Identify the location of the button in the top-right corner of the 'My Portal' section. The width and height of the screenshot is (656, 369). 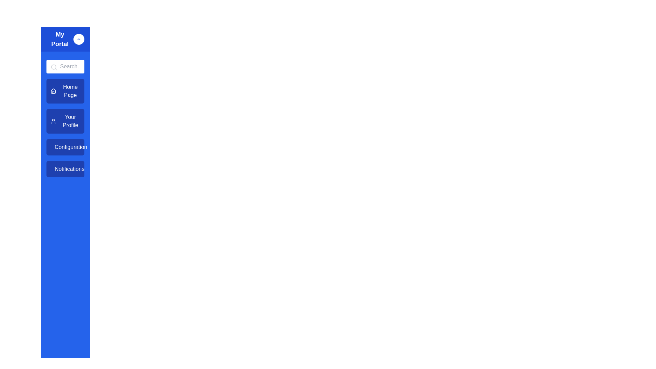
(79, 39).